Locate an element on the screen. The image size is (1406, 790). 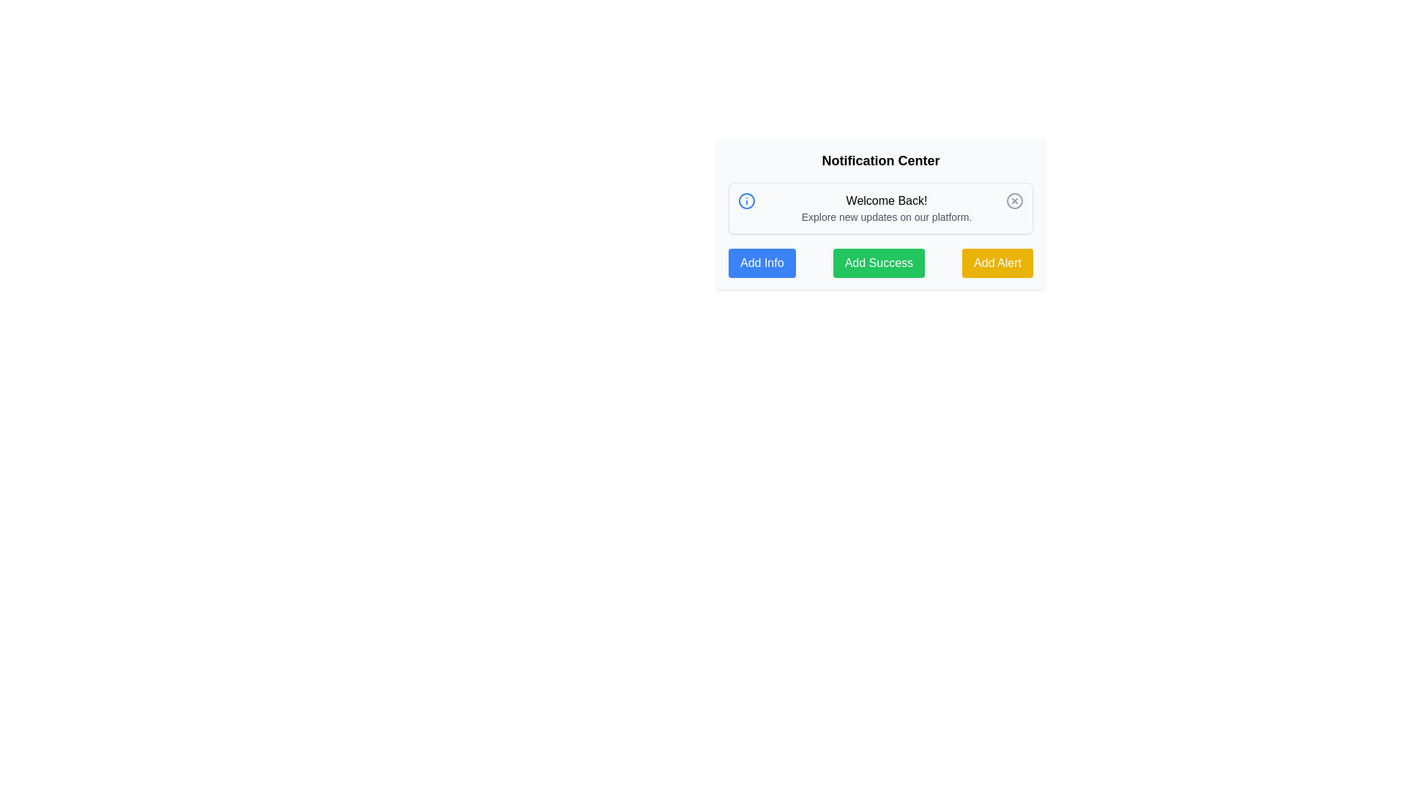
the 'Notification Center' header text area by moving the mouse cursor to its center position is located at coordinates (880, 160).